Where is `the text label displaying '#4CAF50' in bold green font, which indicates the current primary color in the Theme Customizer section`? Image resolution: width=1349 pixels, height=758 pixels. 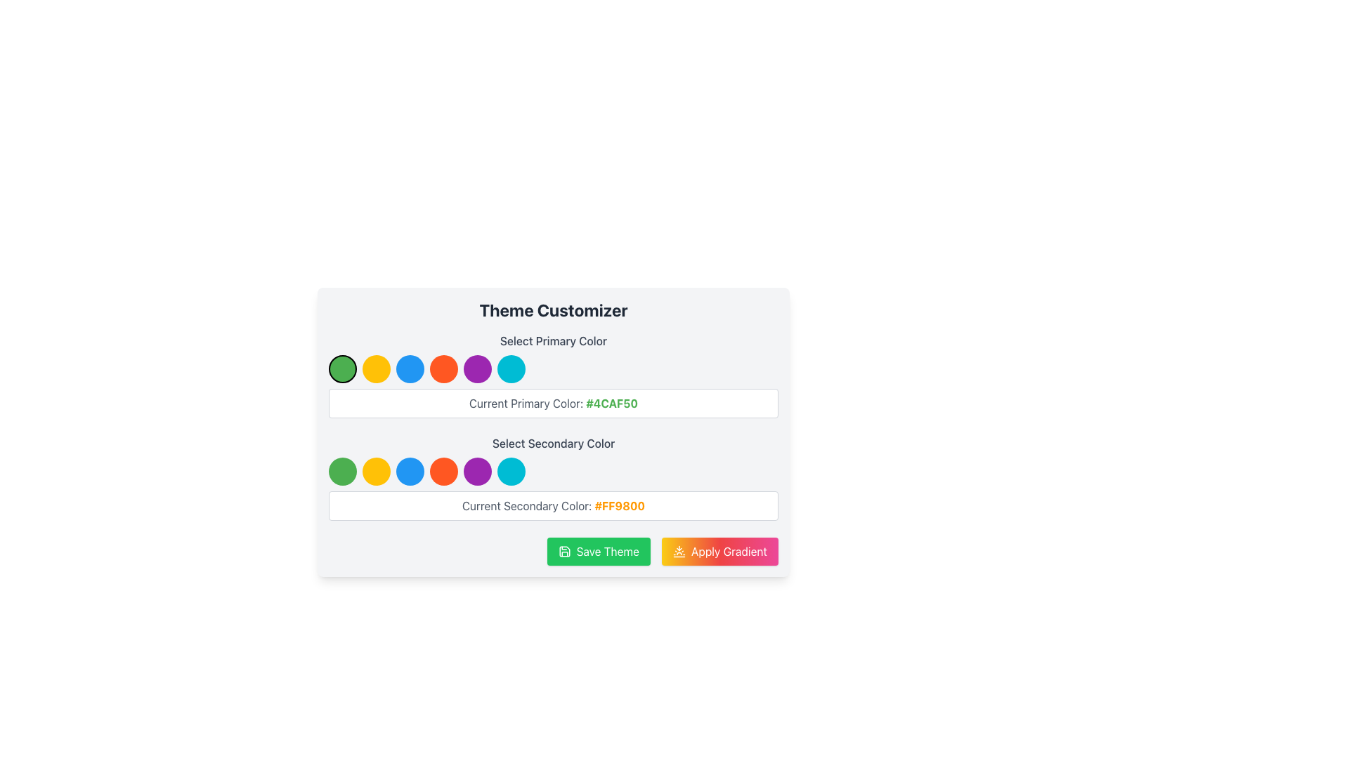
the text label displaying '#4CAF50' in bold green font, which indicates the current primary color in the Theme Customizer section is located at coordinates (612, 403).